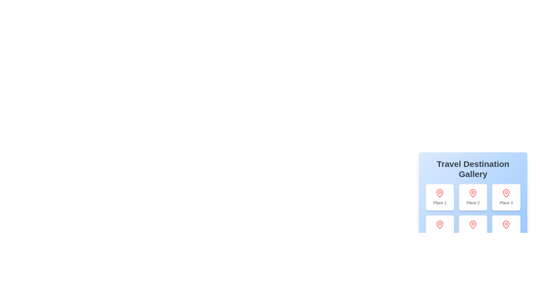  Describe the element at coordinates (506, 197) in the screenshot. I see `the Interactive Card for 'Place 3' in the Travel Destination Gallery` at that location.